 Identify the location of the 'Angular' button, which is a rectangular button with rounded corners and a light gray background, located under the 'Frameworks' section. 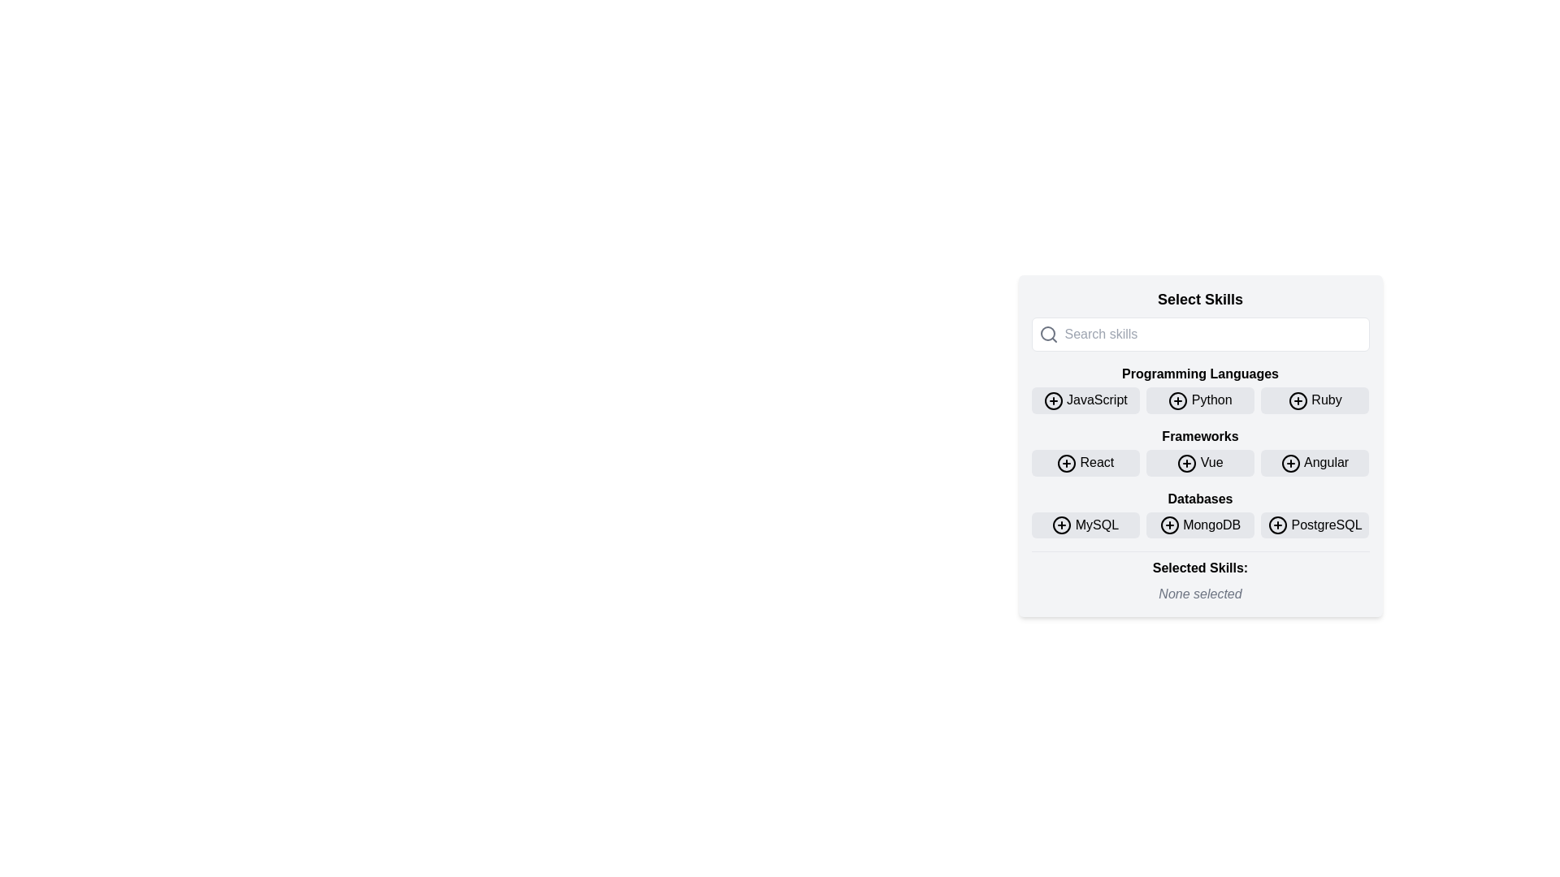
(1315, 463).